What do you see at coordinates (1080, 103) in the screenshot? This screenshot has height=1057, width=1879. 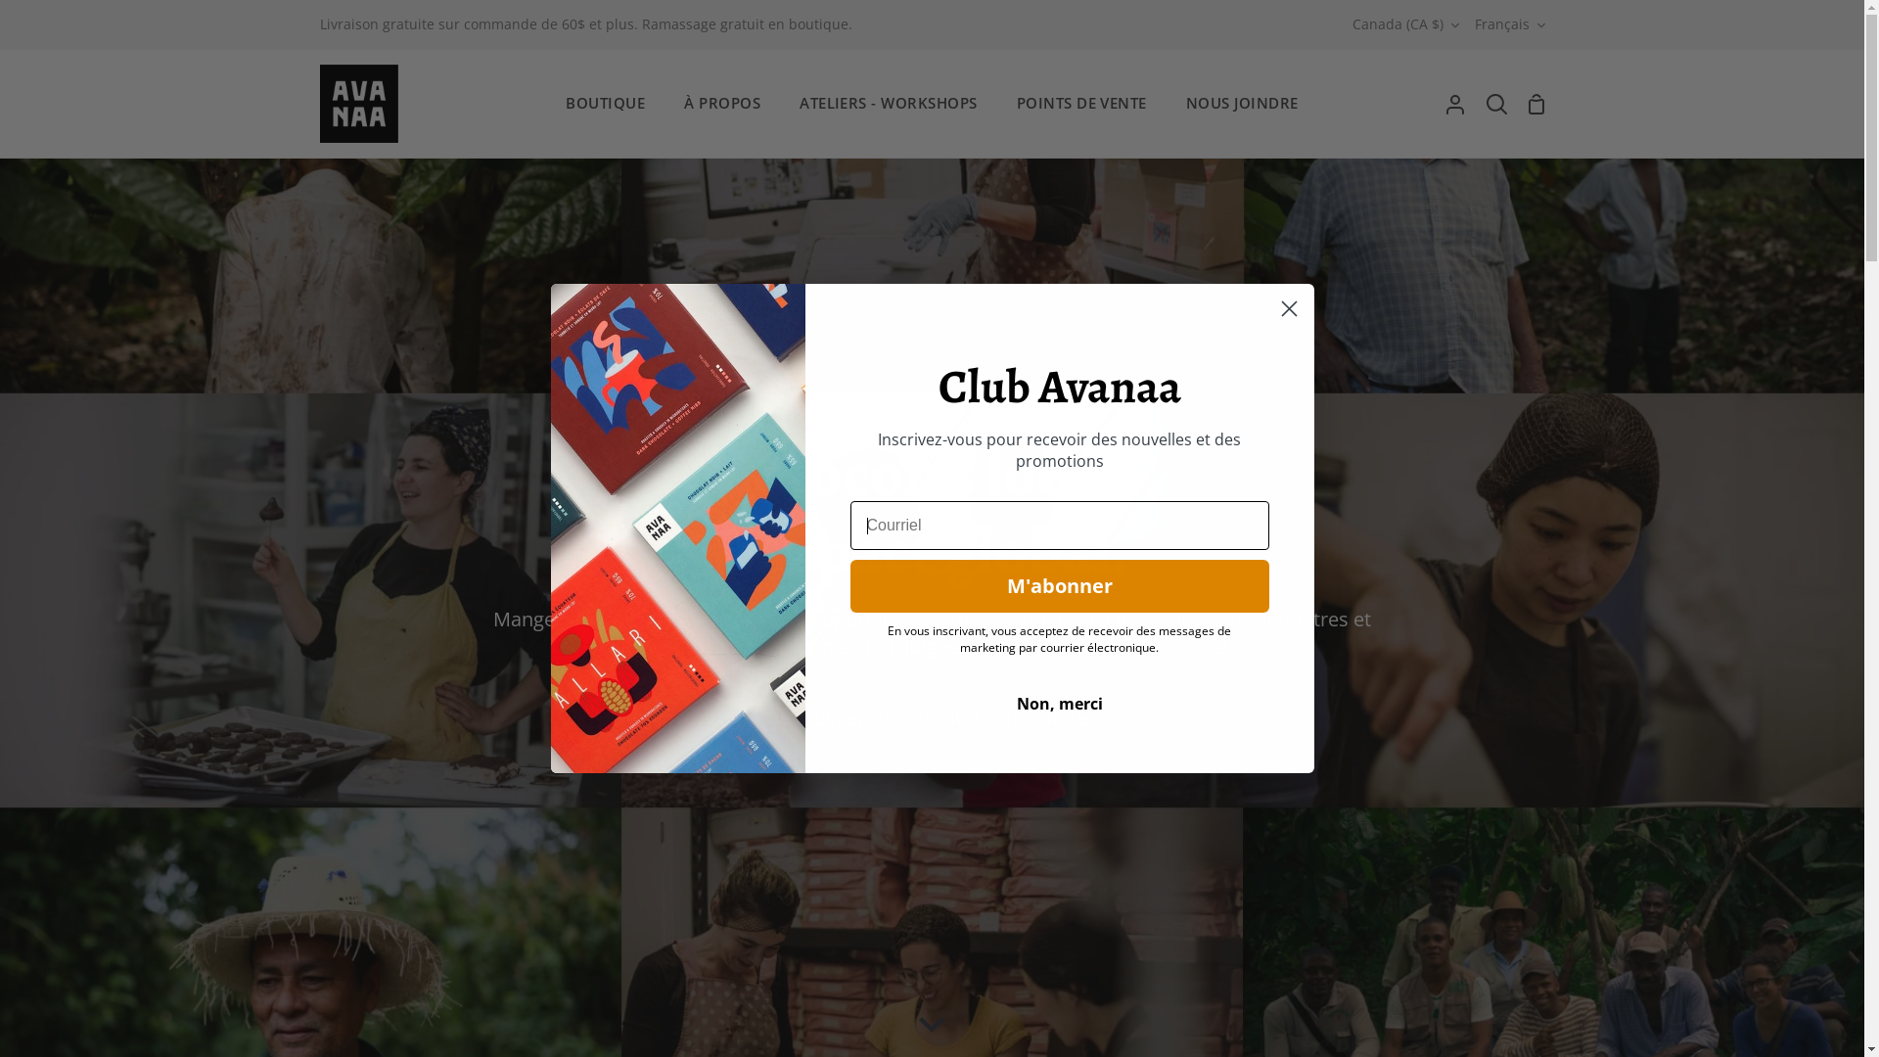 I see `'POINTS DE VENTE'` at bounding box center [1080, 103].